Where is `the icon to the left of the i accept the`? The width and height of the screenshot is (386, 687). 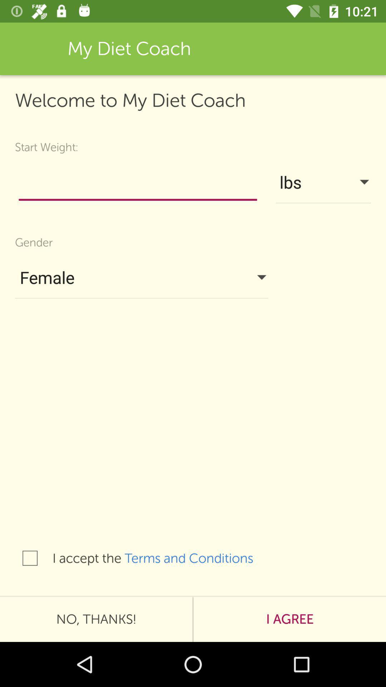 the icon to the left of the i accept the is located at coordinates (30, 558).